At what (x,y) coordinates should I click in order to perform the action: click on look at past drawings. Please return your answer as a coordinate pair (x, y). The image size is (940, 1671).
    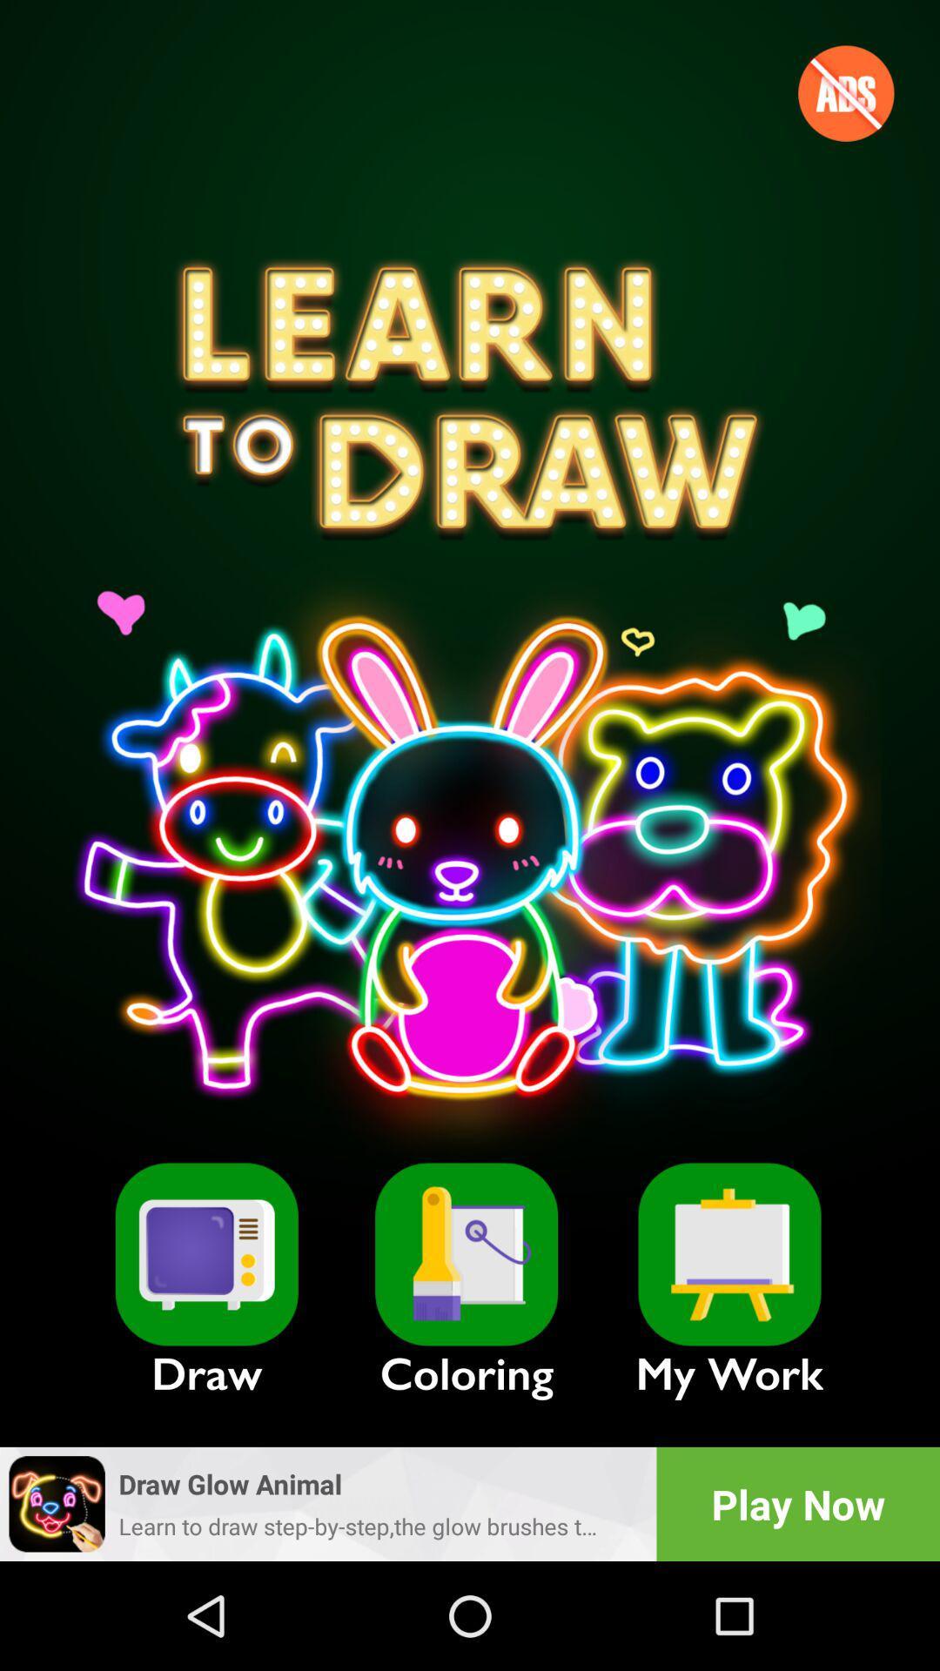
    Looking at the image, I should click on (729, 1254).